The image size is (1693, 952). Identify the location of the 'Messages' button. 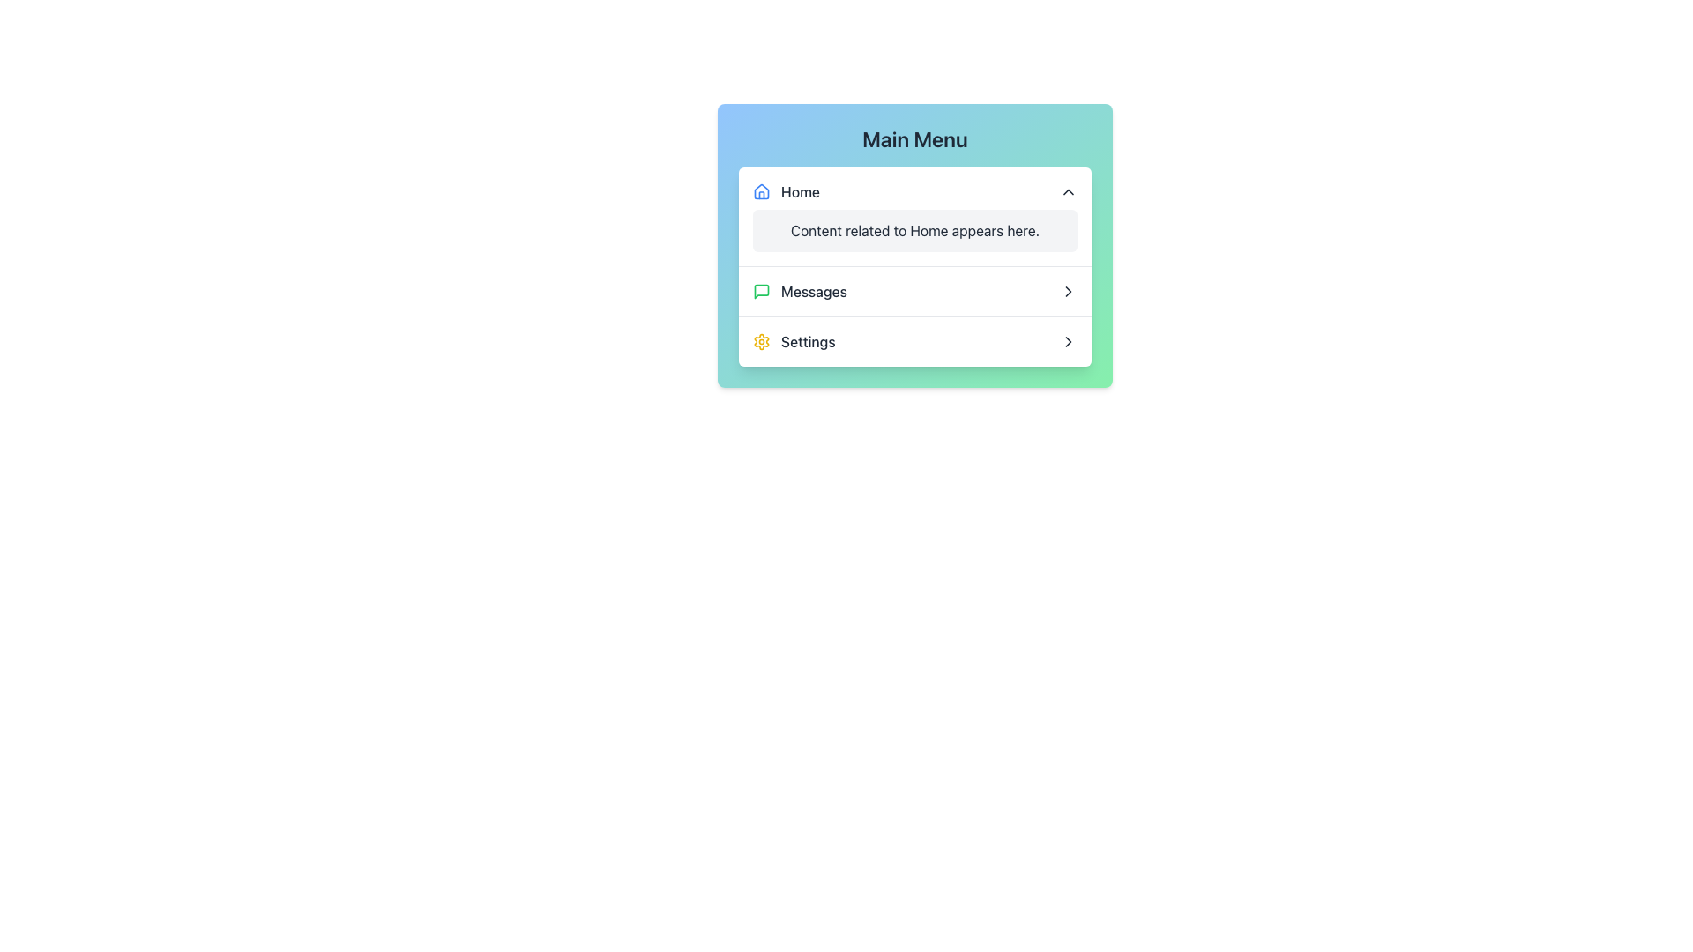
(914, 290).